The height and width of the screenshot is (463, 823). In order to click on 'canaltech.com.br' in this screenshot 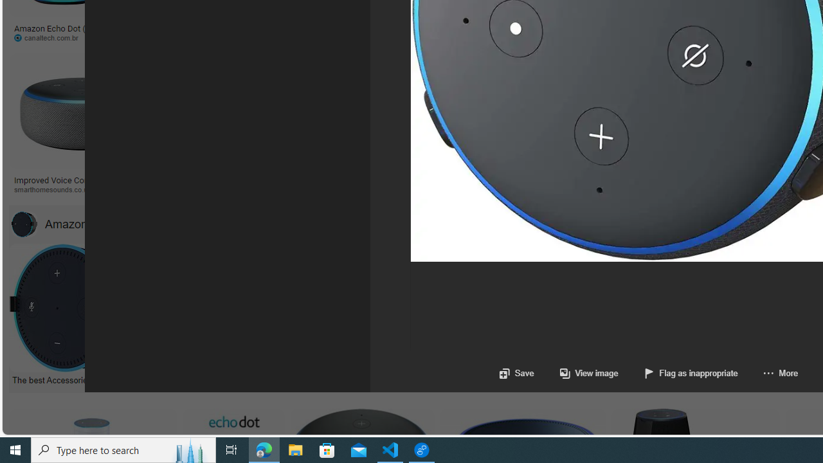, I will do `click(50, 37)`.